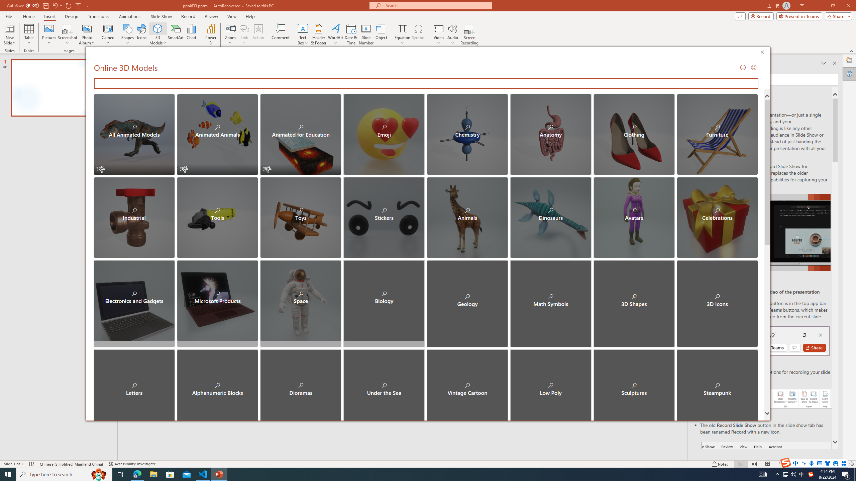  I want to click on 'Date & Time...', so click(350, 34).